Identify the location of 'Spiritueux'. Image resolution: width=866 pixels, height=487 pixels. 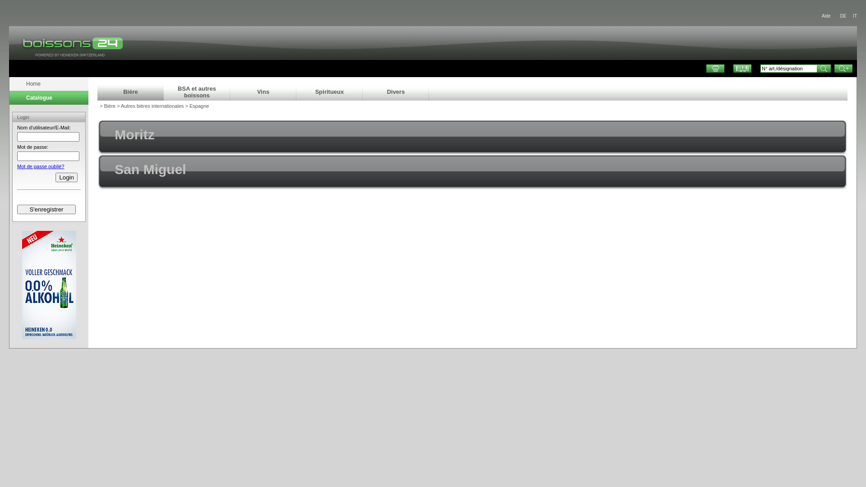
(329, 92).